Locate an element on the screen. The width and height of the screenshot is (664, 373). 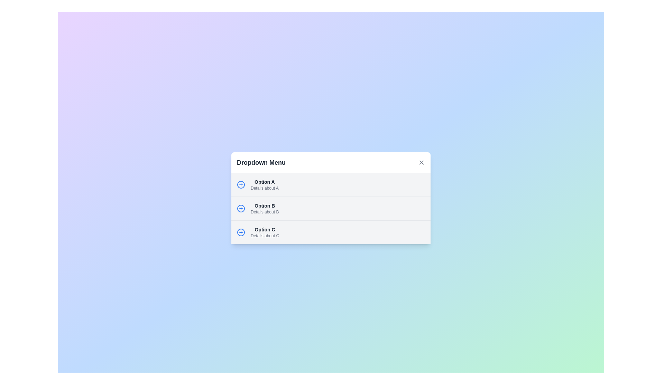
the close icon located at the top-right corner of the dropdown menu is located at coordinates (421, 162).